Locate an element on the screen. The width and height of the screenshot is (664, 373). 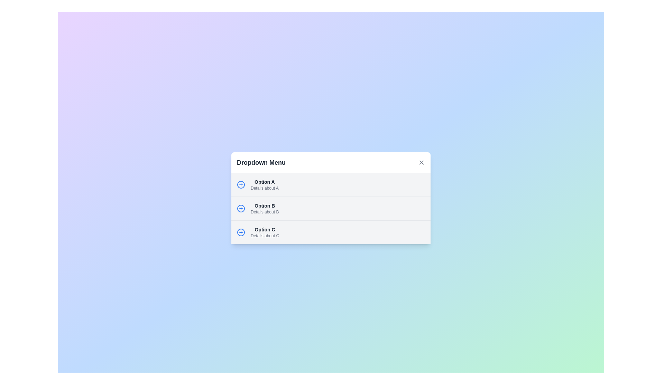
the close icon located at the top-right corner of the dropdown menu is located at coordinates (421, 162).